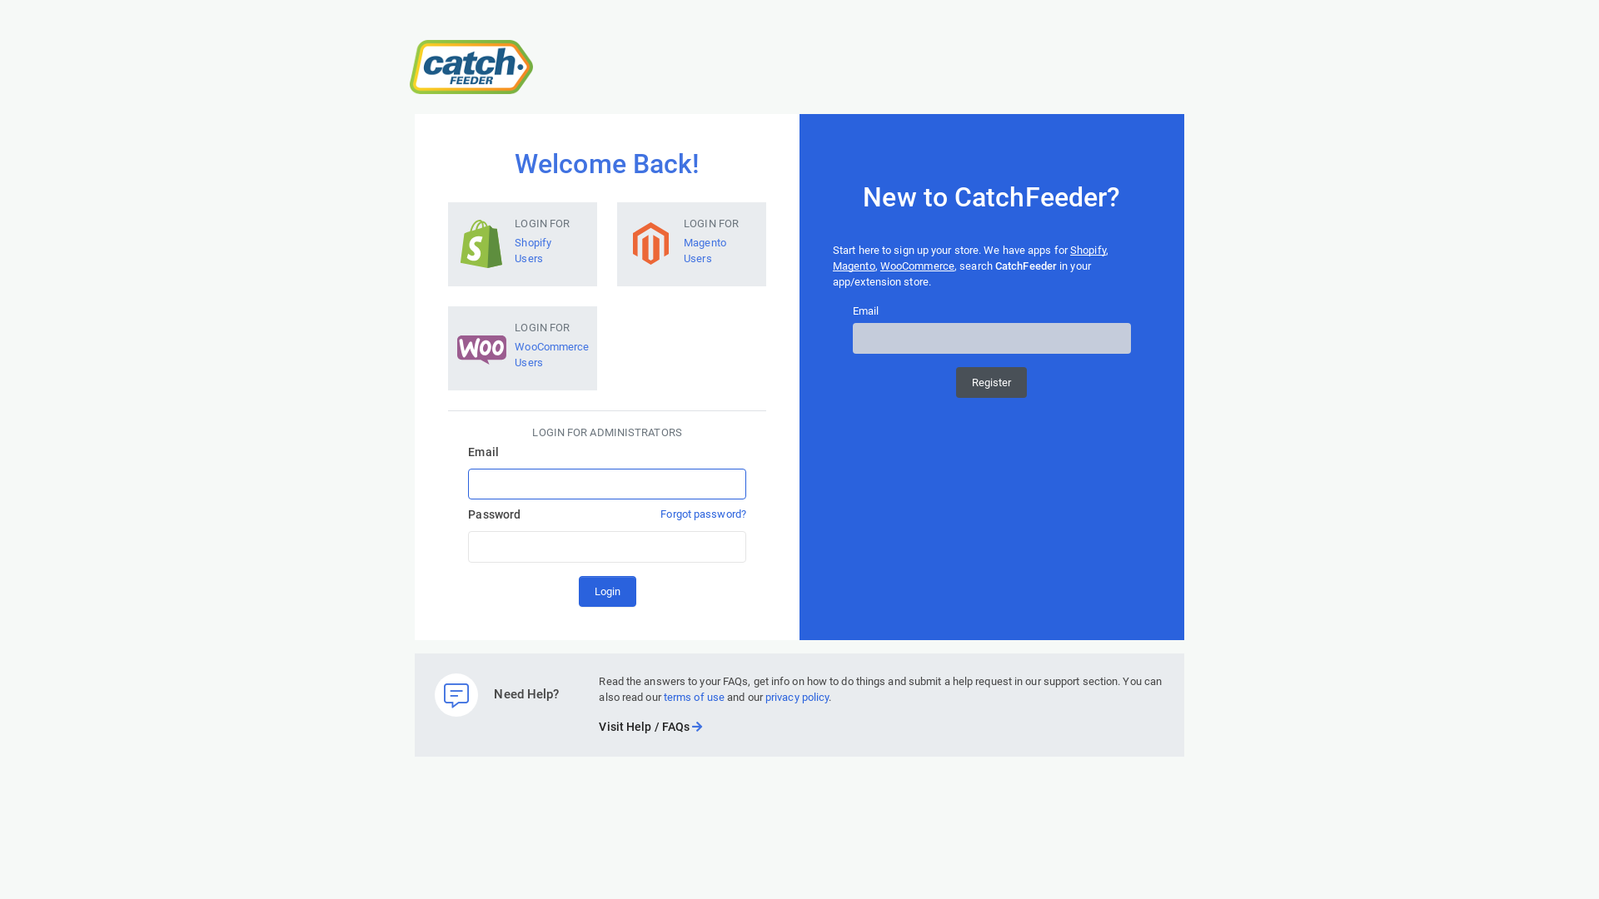 This screenshot has width=1599, height=899. I want to click on 'Magento', so click(832, 265).